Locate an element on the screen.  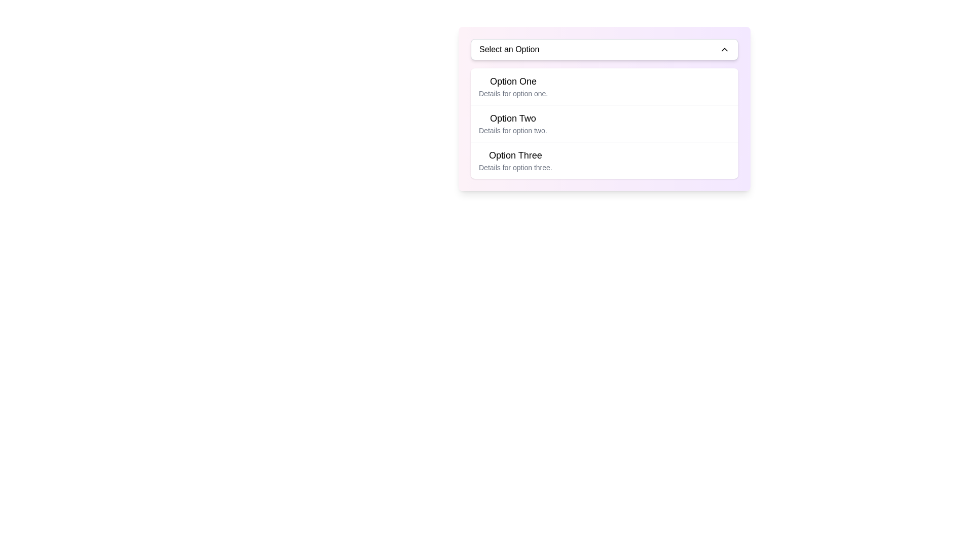
the gray text label reading 'Details for option one.' located under the header 'Option One' in the dropdown menu is located at coordinates (513, 94).